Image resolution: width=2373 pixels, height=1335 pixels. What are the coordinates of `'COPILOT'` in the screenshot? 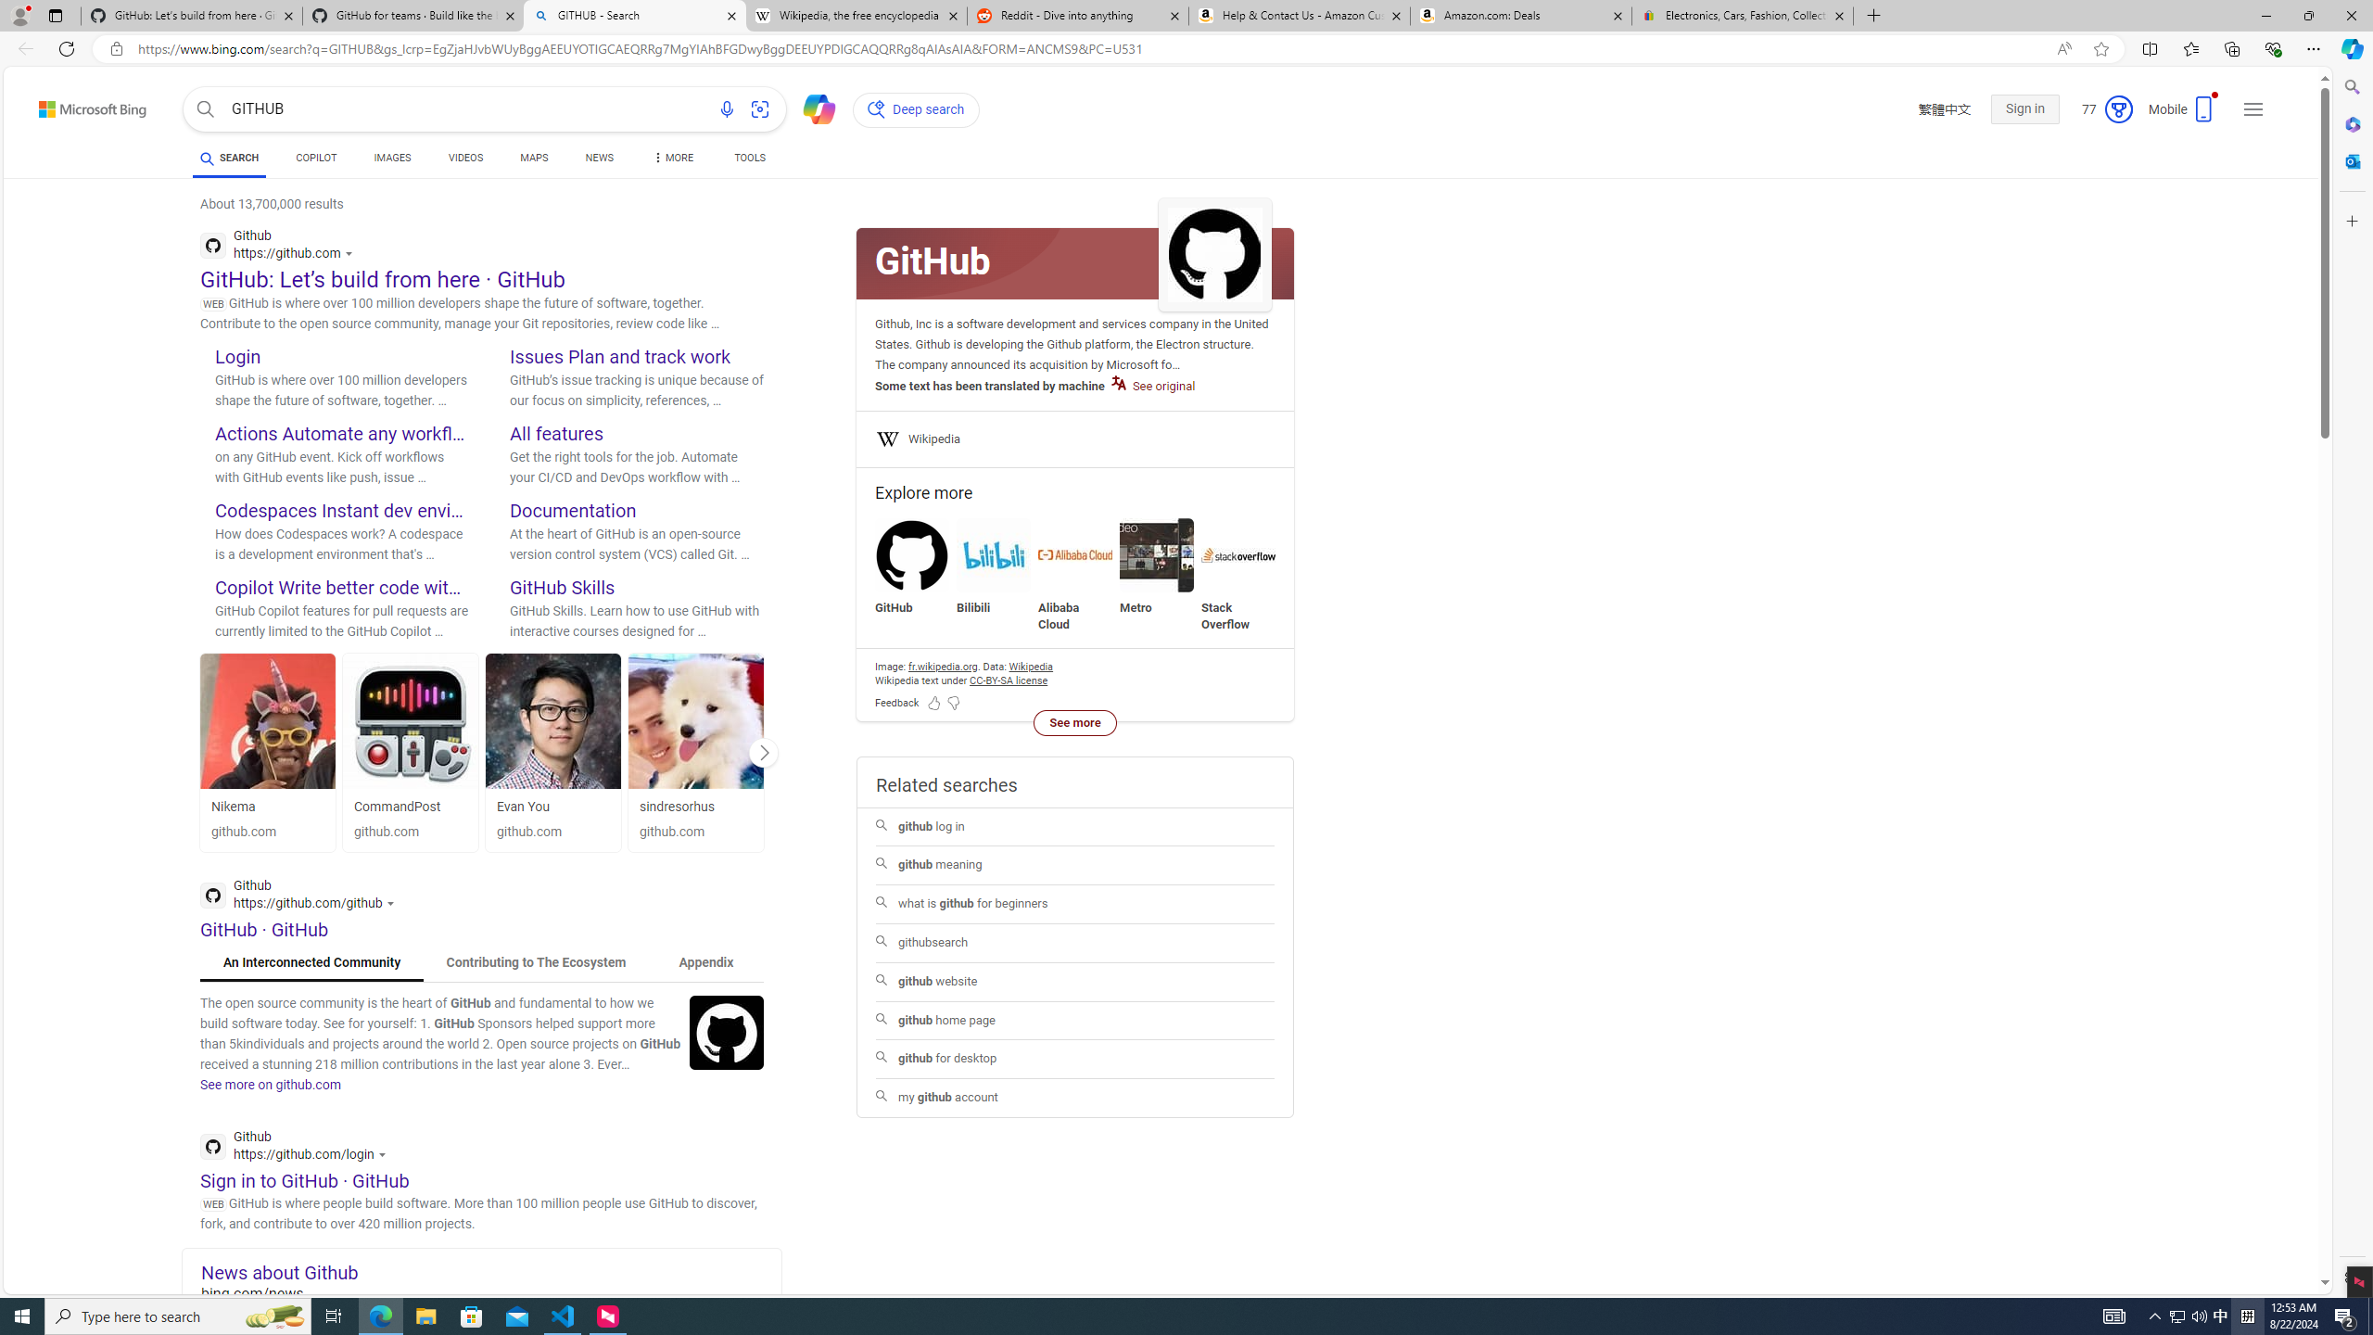 It's located at (314, 159).